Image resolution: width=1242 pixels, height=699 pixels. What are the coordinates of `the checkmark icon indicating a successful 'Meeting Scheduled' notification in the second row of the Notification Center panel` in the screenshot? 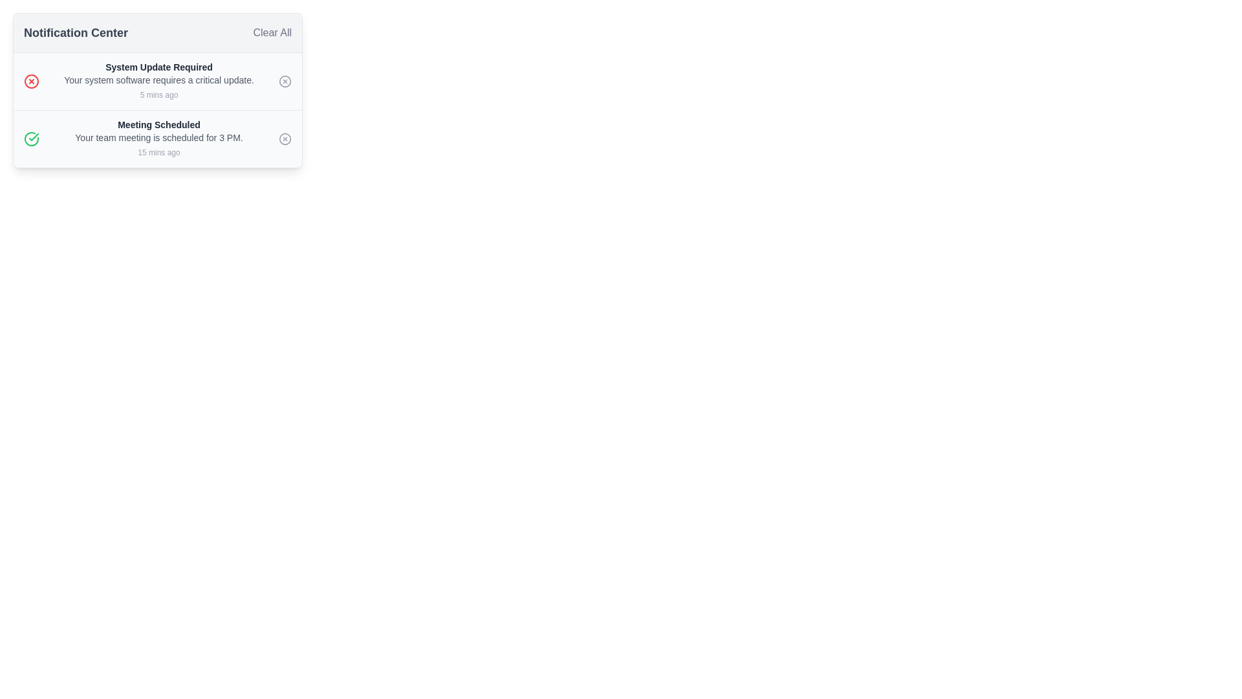 It's located at (34, 137).